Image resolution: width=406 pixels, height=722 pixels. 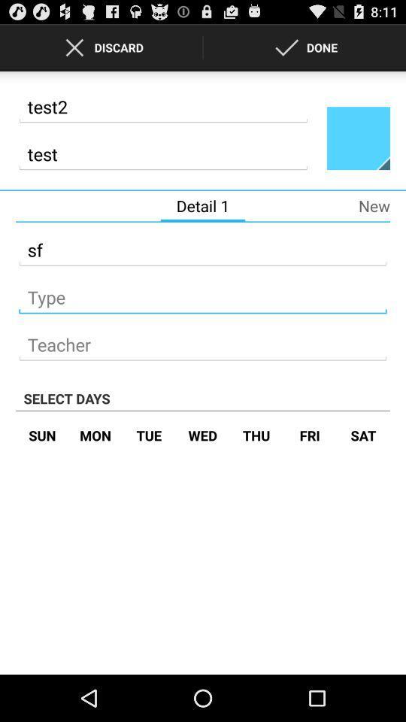 What do you see at coordinates (357, 138) in the screenshot?
I see `color` at bounding box center [357, 138].